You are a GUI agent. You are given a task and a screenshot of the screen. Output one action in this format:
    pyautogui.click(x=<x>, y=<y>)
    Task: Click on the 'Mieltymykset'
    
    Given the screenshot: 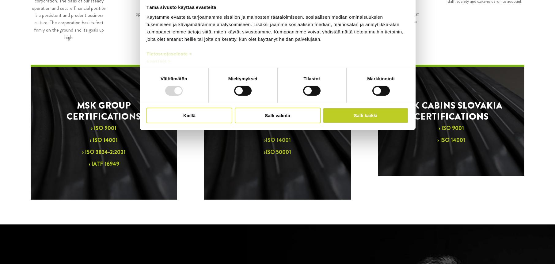 What is the action you would take?
    pyautogui.click(x=242, y=78)
    